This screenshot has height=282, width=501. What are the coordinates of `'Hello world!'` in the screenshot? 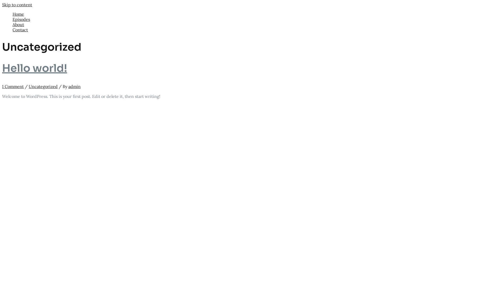 It's located at (34, 68).